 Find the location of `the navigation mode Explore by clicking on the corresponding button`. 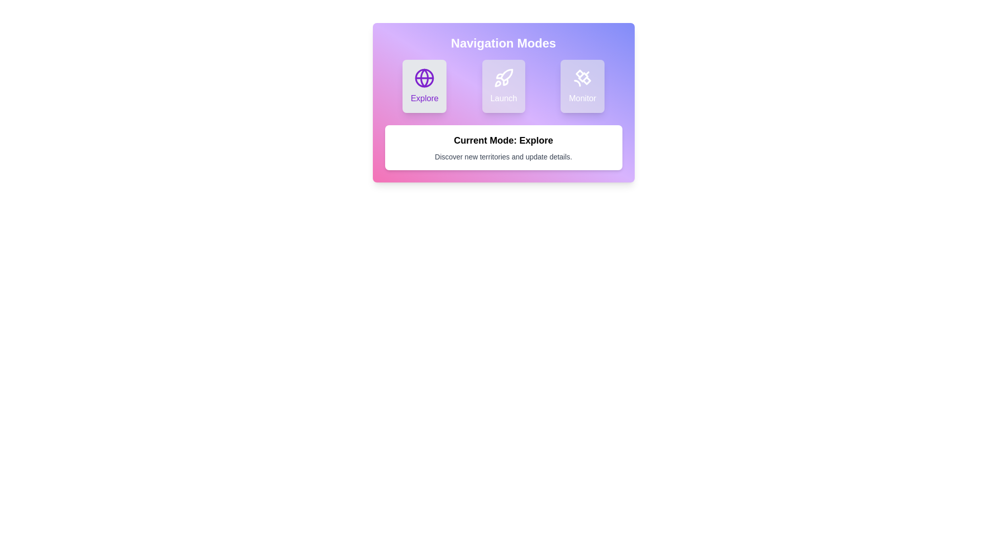

the navigation mode Explore by clicking on the corresponding button is located at coordinates (425, 86).